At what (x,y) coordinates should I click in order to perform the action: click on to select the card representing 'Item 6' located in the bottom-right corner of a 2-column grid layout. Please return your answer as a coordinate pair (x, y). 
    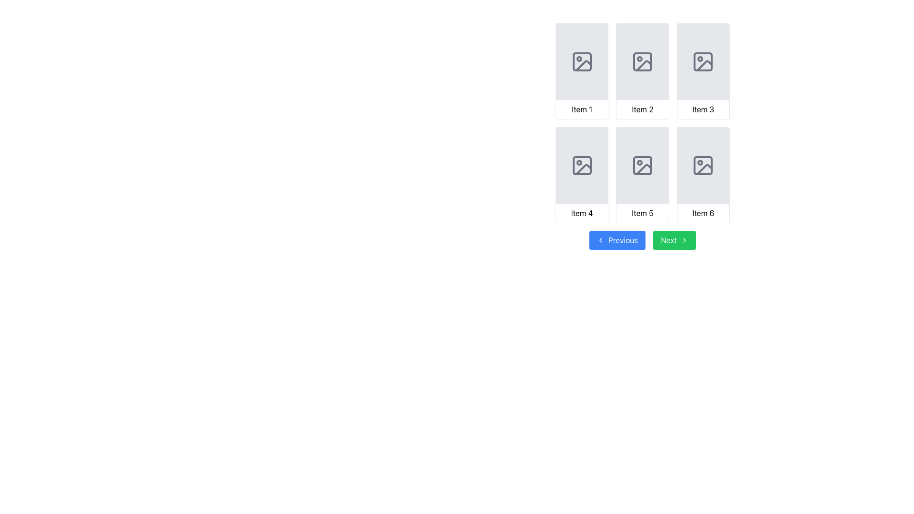
    Looking at the image, I should click on (703, 175).